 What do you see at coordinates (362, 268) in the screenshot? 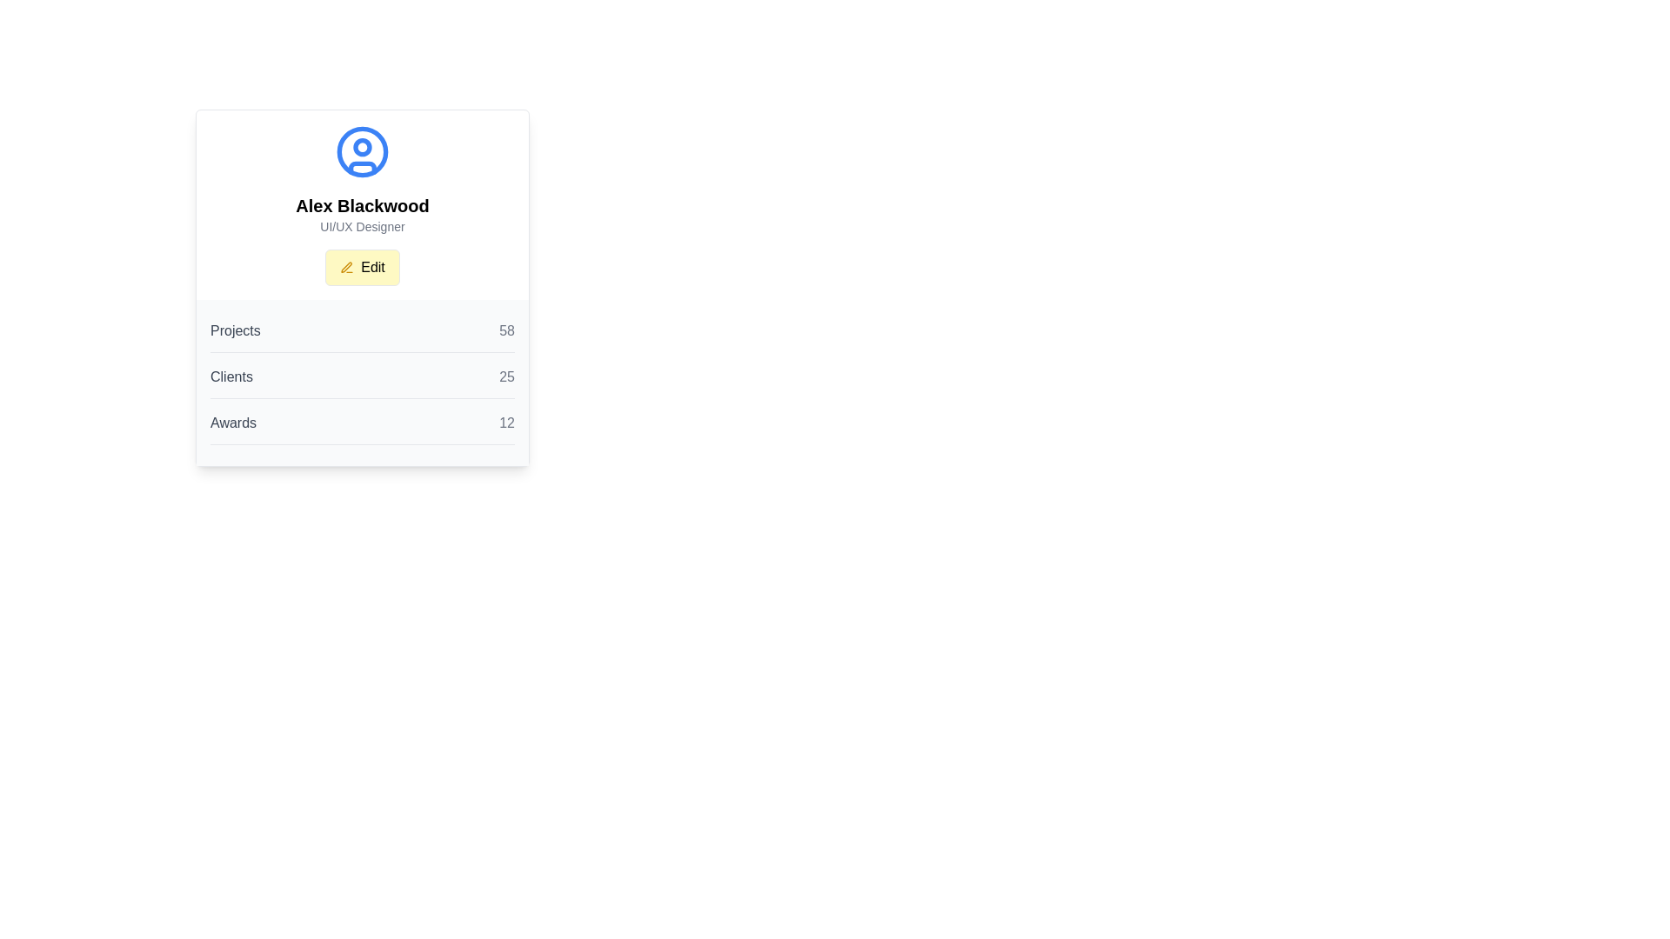
I see `the 'Edit' button with a light yellow background and a pen icon, located below the title 'Alex Blackwood' and the subtitle 'UI/UX Designer'` at bounding box center [362, 268].